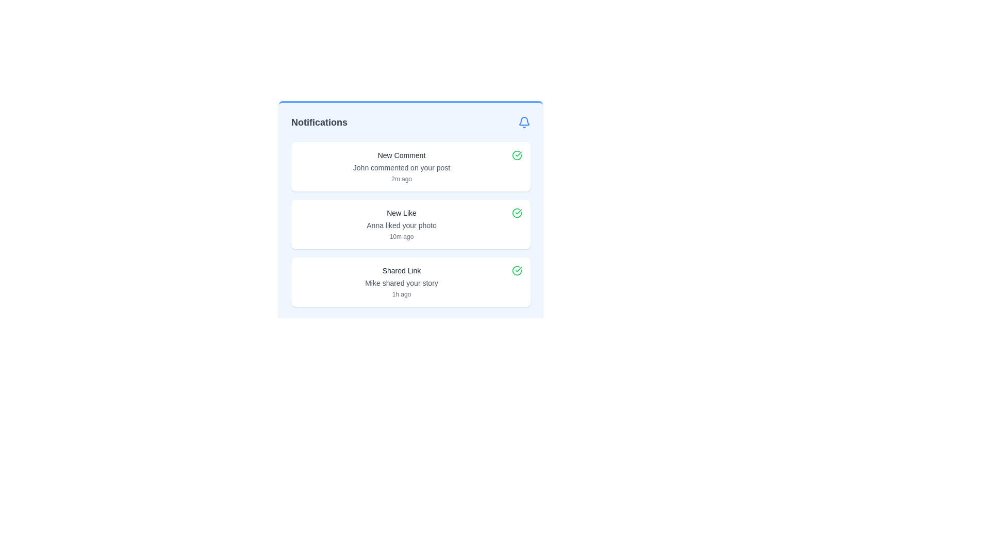  What do you see at coordinates (517, 270) in the screenshot?
I see `the green circular icon with a checkmark inside, located at the bottom-right corner of the 'Shared Link - Mike shared your story - 1h ago' notification card to change its color to darker green` at bounding box center [517, 270].